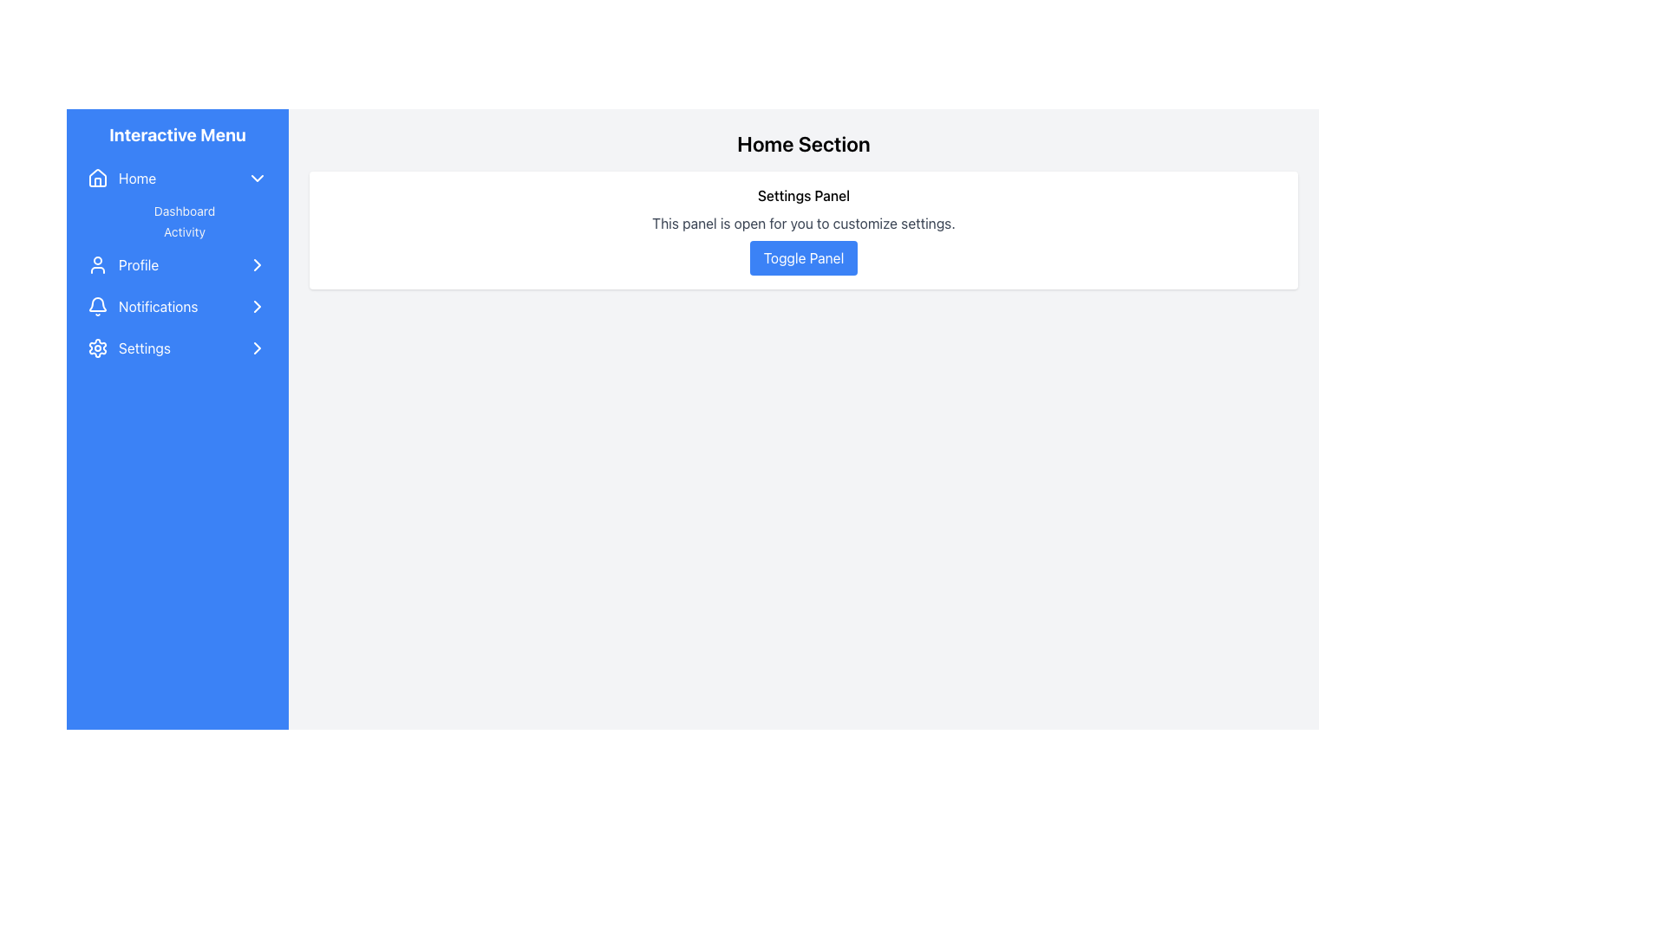 The width and height of the screenshot is (1665, 936). I want to click on the third button in the left navigation menu panel, so click(178, 264).